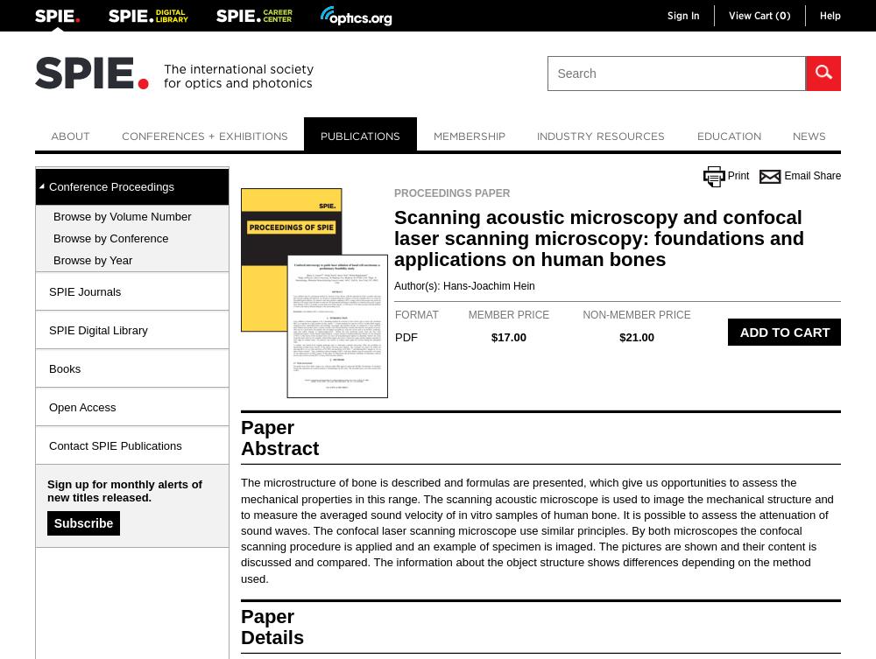 The height and width of the screenshot is (659, 876). I want to click on '$17.00', so click(491, 336).